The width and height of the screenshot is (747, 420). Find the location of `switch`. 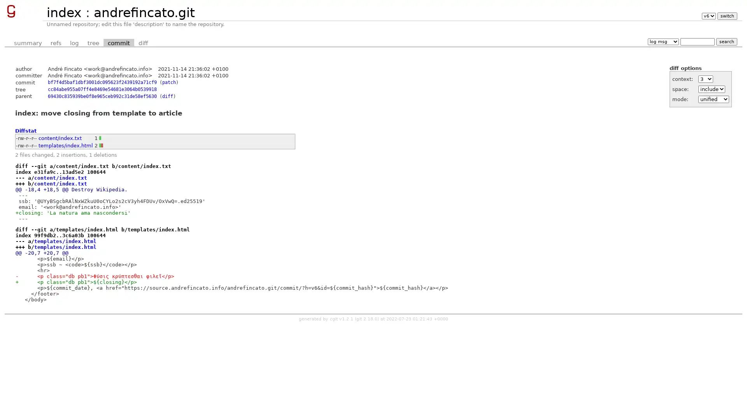

switch is located at coordinates (726, 16).